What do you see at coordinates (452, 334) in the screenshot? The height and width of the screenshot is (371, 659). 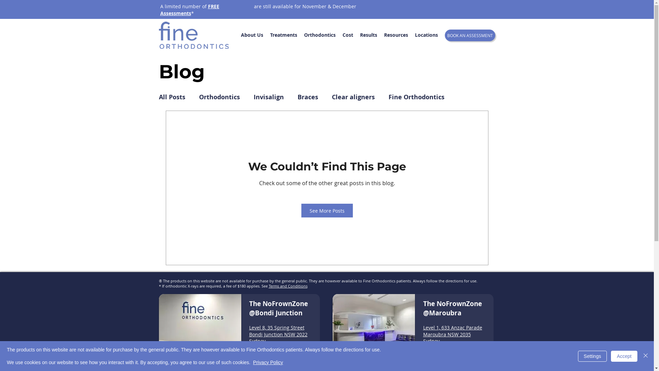 I see `'Level 1, 633 Anzac Parade` at bounding box center [452, 334].